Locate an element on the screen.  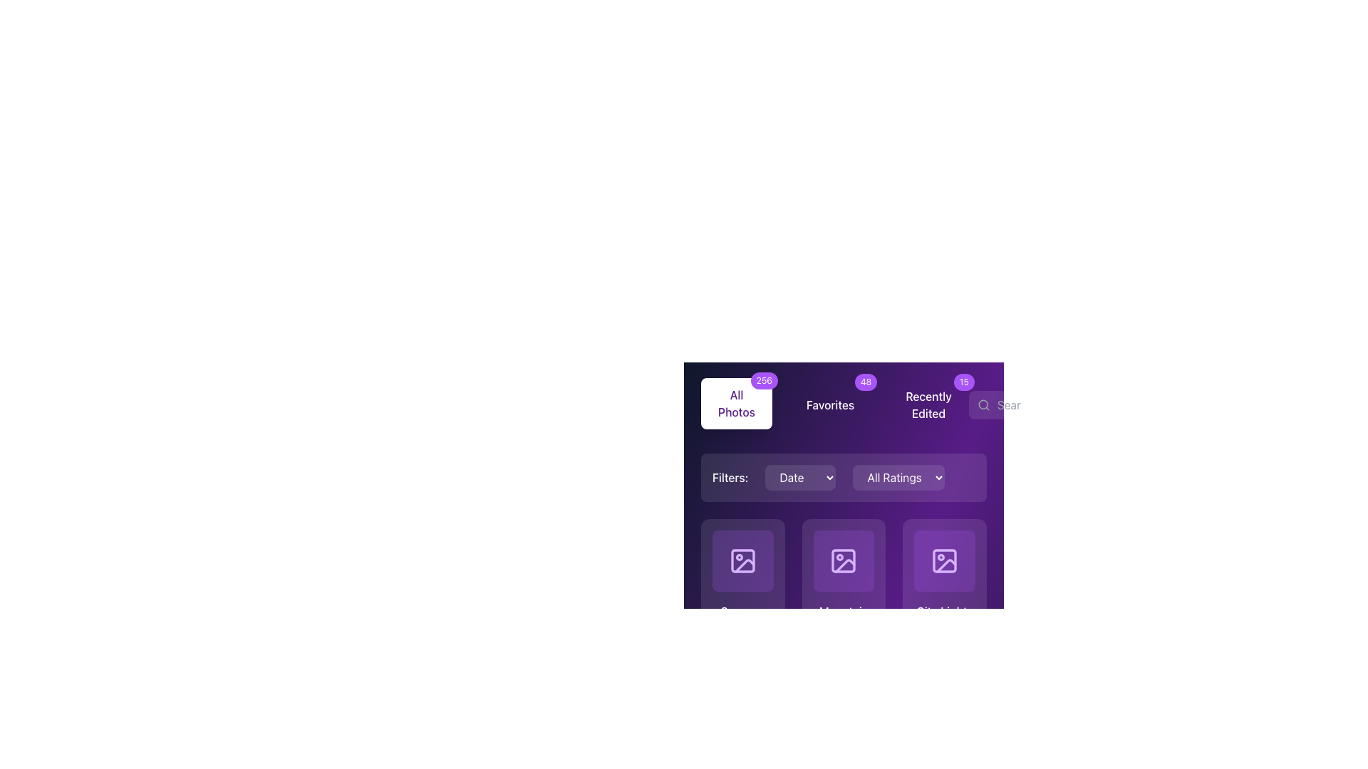
the content of the Notification badge located in the top-right corner of the 'Recently Edited' section, which indicates the number of items or updates is located at coordinates (964, 381).